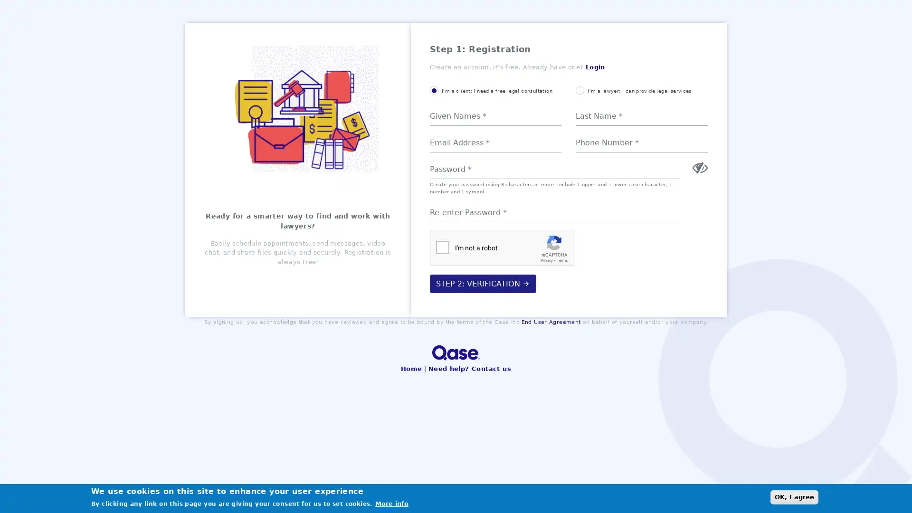 This screenshot has width=912, height=513. Describe the element at coordinates (483, 283) in the screenshot. I see `STEP 2: VERIFICATION` at that location.